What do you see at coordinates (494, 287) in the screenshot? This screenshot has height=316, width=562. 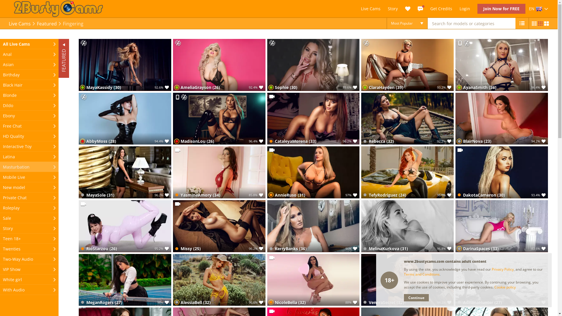 I see `'Cookie policy'` at bounding box center [494, 287].